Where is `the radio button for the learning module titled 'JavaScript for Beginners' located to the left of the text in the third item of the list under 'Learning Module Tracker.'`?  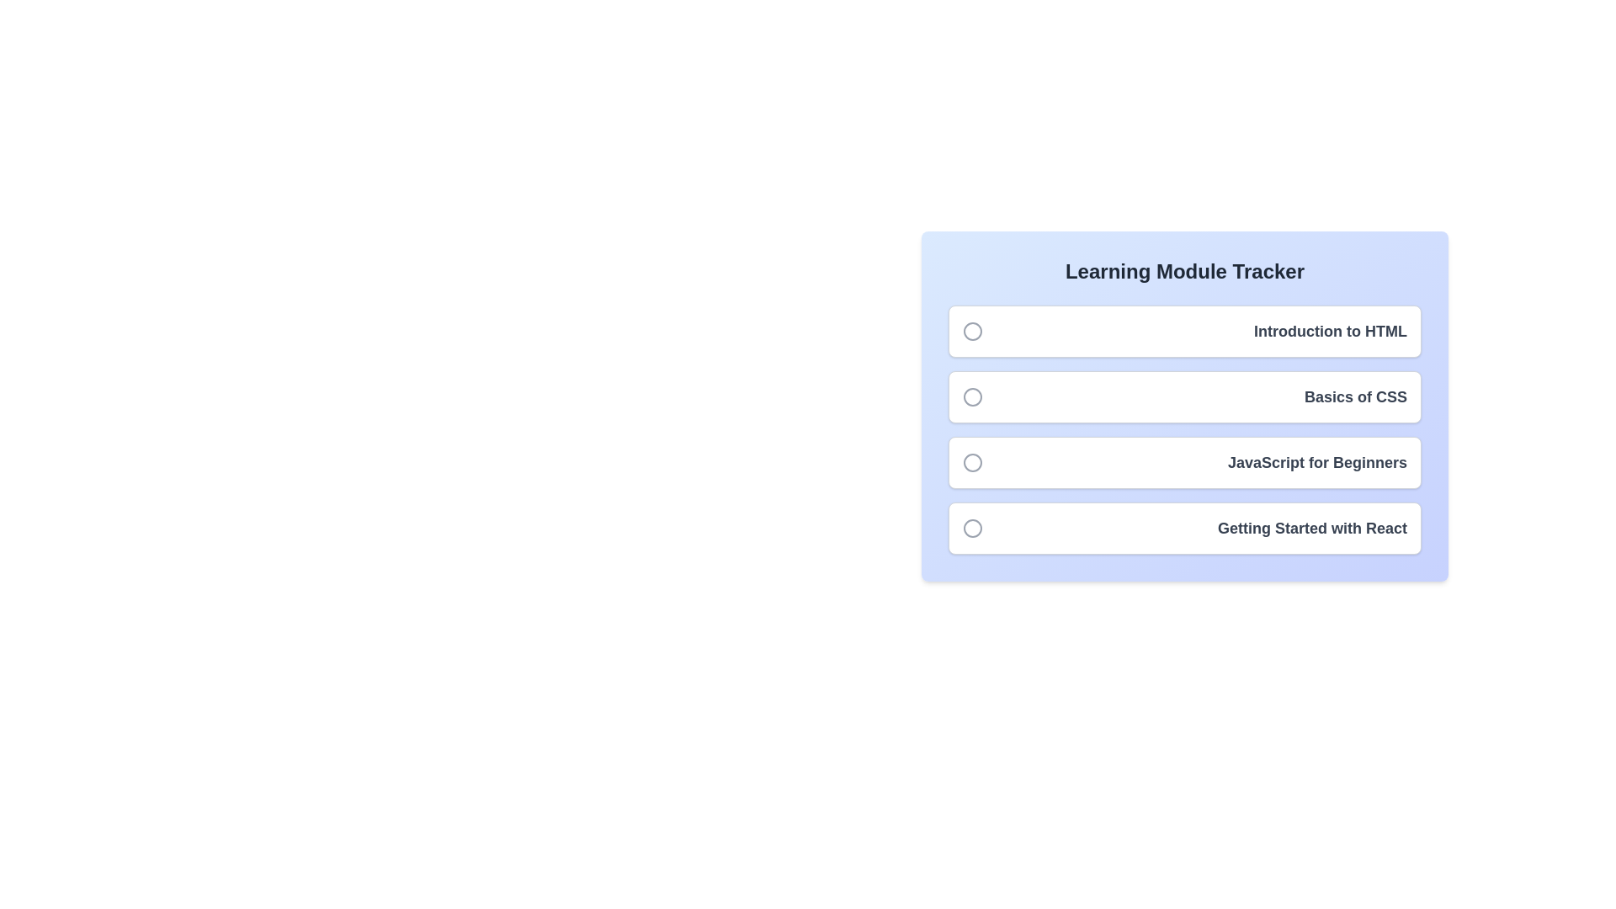 the radio button for the learning module titled 'JavaScript for Beginners' located to the left of the text in the third item of the list under 'Learning Module Tracker.' is located at coordinates (973, 463).